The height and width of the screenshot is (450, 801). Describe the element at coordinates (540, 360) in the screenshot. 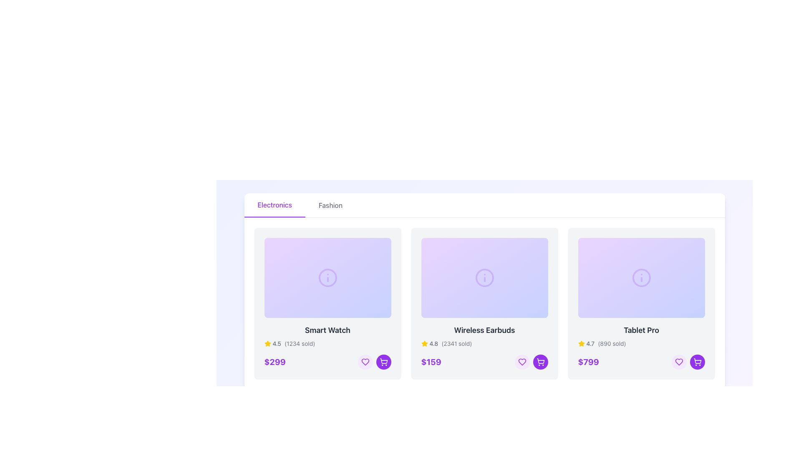

I see `the shopping cart icon located within the purple circular button at the lower-right corner of the 'Wireless Earbuds' product card to trigger a tooltip or visual effect` at that location.